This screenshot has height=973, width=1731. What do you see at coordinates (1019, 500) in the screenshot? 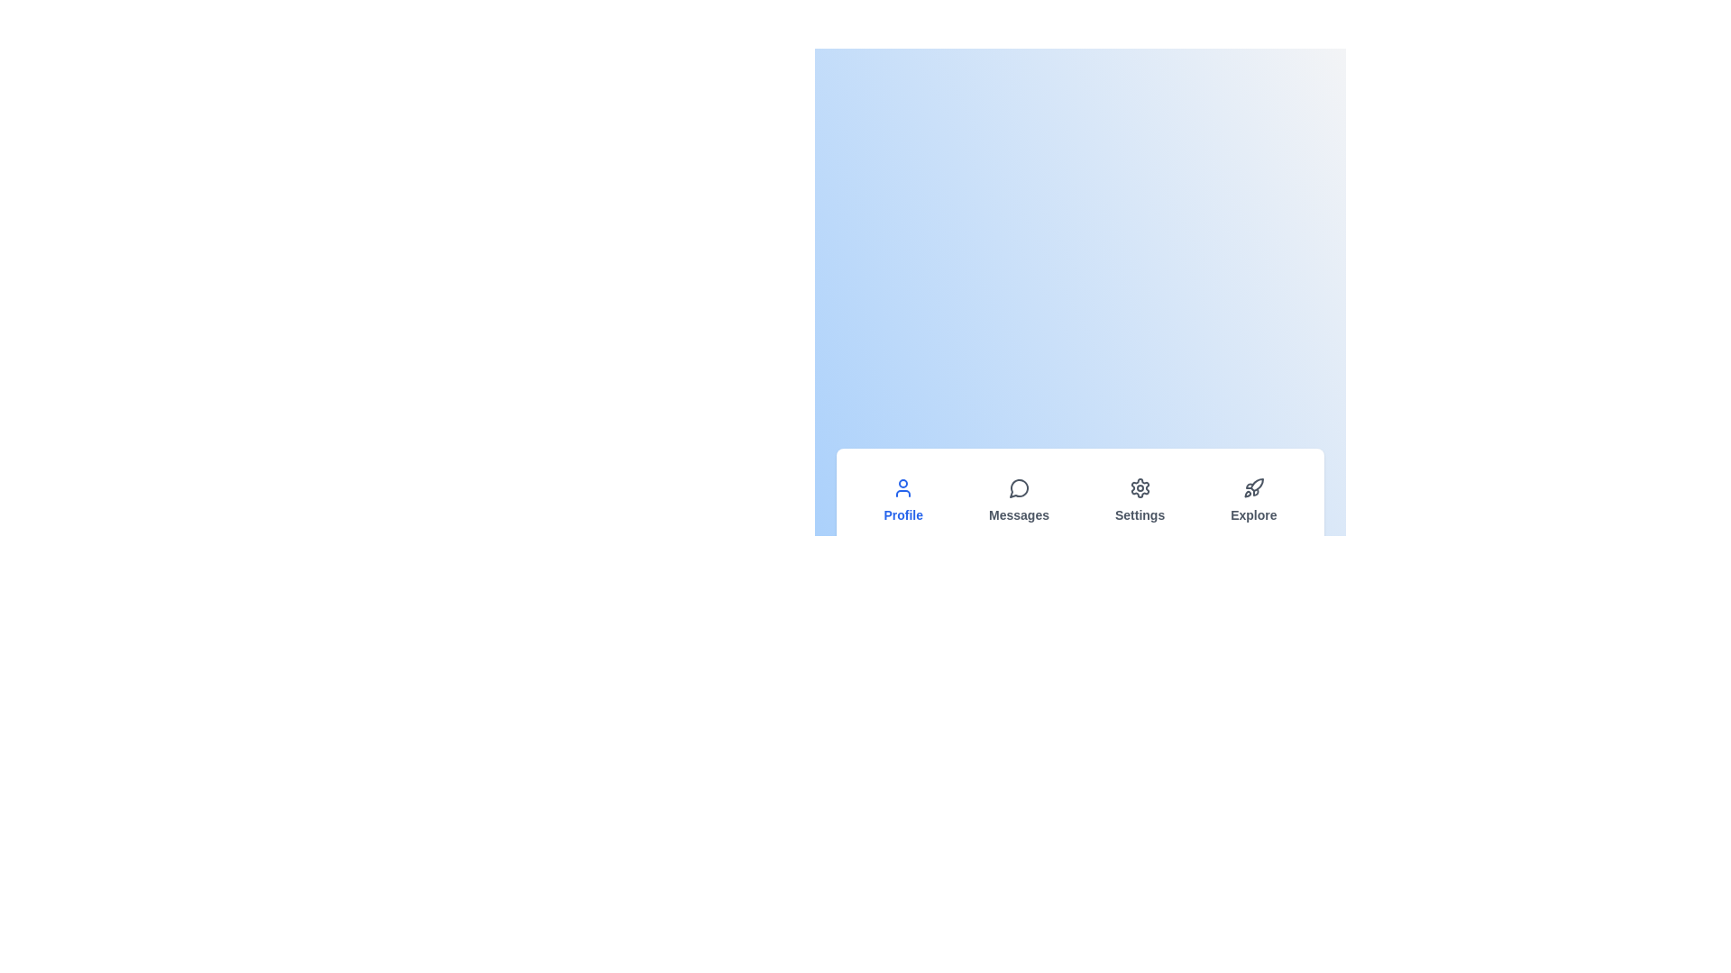
I see `the tab labeled Messages` at bounding box center [1019, 500].